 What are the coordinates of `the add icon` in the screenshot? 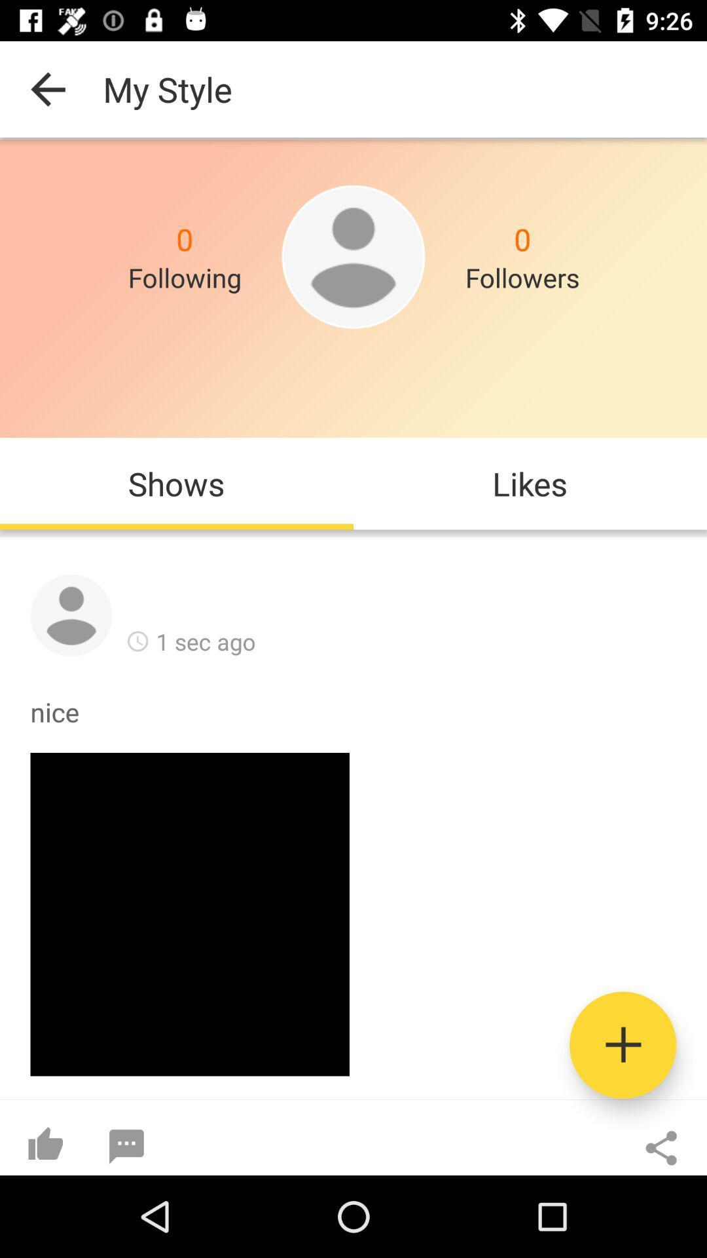 It's located at (622, 1044).